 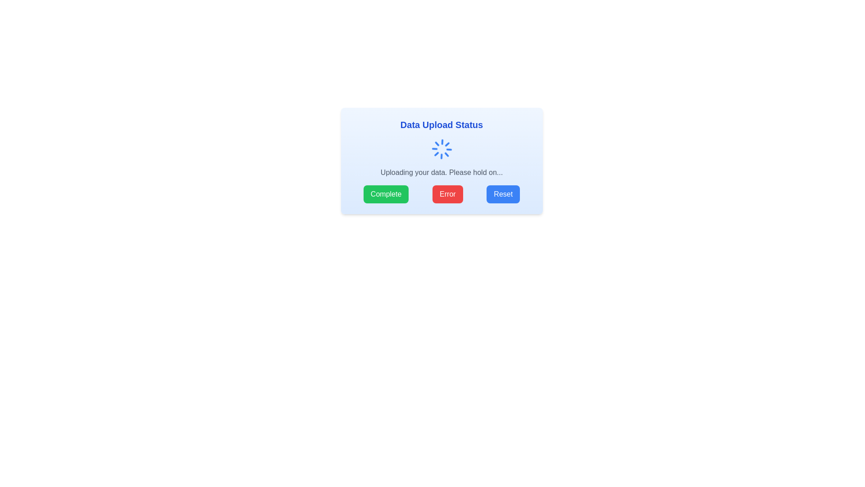 What do you see at coordinates (503, 194) in the screenshot?
I see `the 'Reset' button located at the bottom-right corner of the 'Data Upload Status' modal dialog` at bounding box center [503, 194].